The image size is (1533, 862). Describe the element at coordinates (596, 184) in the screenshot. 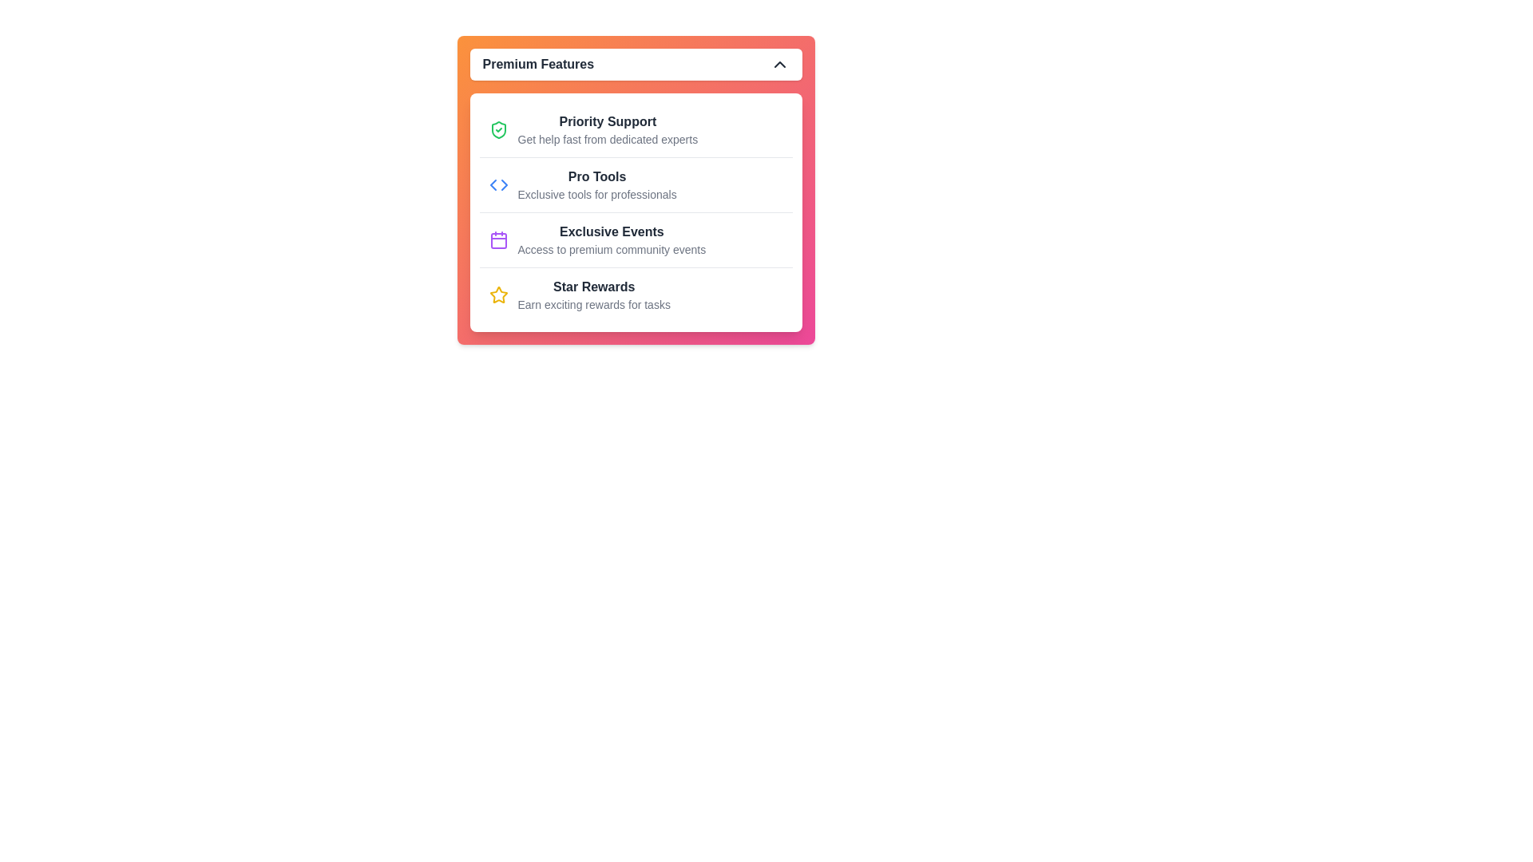

I see `the 'Pro Tools' text block, which is the second feature listed under 'Premium Features' in the service package` at that location.